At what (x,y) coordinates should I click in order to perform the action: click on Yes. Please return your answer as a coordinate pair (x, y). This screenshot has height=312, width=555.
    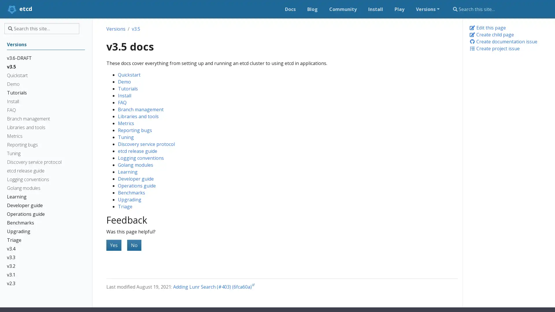
    Looking at the image, I should click on (114, 245).